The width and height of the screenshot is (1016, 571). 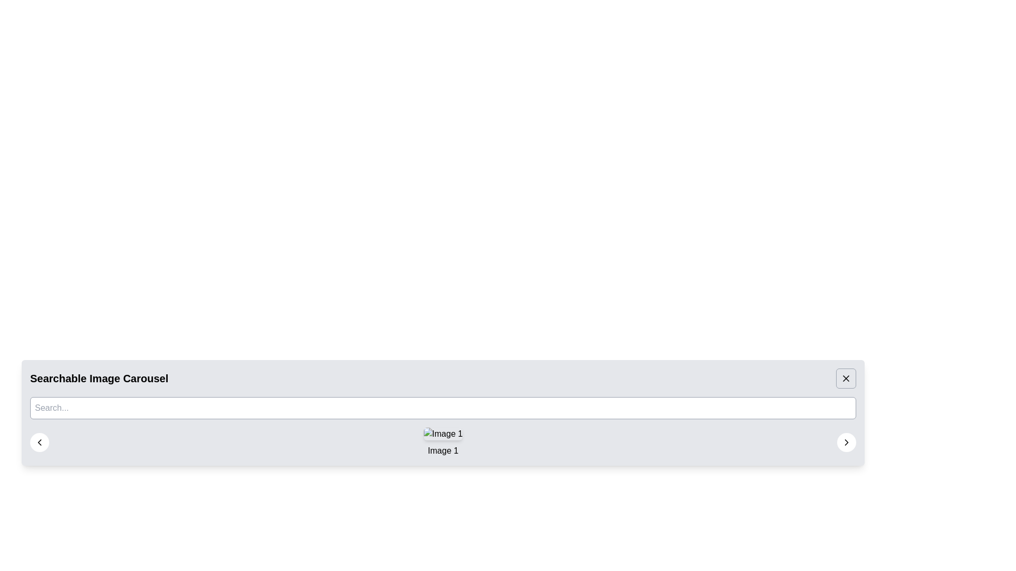 I want to click on the thumbnail image with alt text 'Image 1', which is located above the text label 'Image 1' in the carousel section, so click(x=443, y=434).